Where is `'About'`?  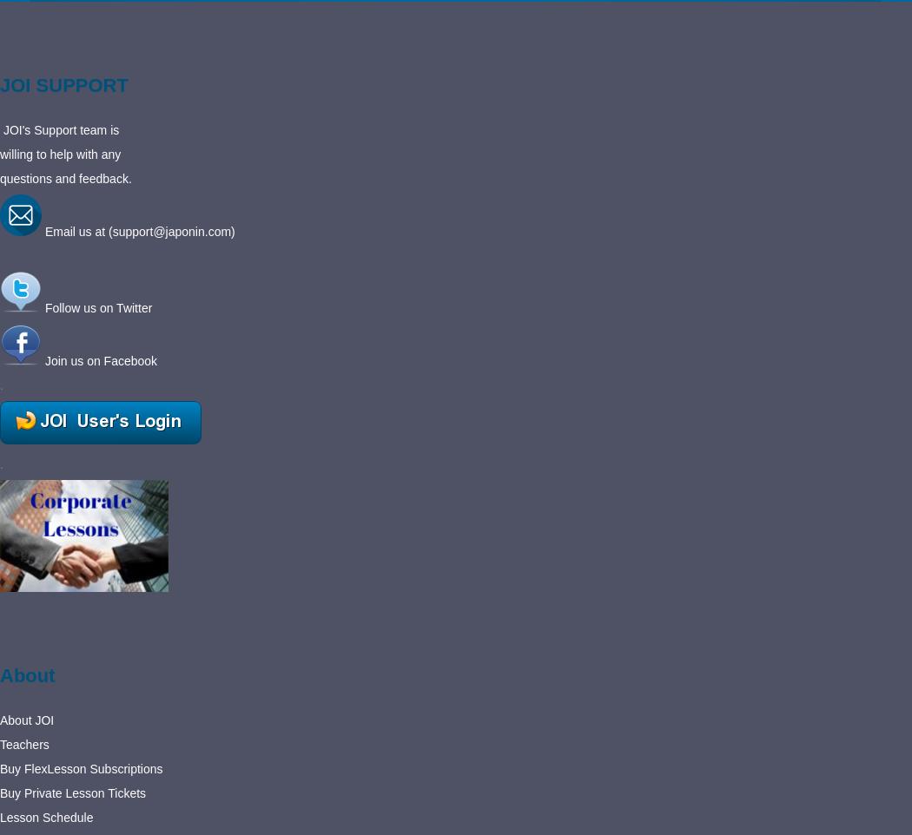
'About' is located at coordinates (27, 674).